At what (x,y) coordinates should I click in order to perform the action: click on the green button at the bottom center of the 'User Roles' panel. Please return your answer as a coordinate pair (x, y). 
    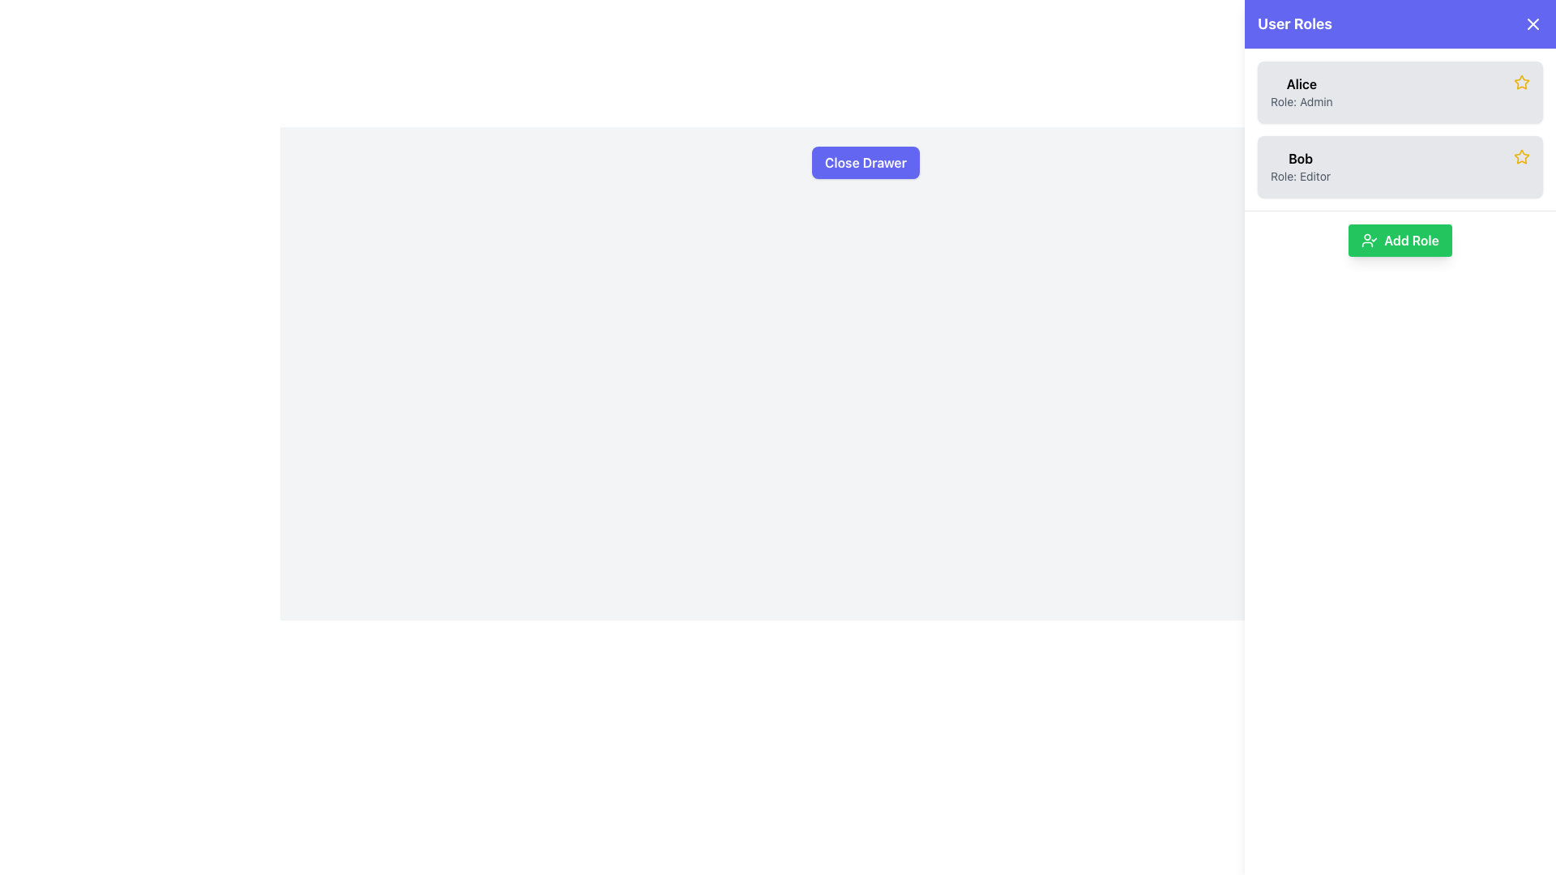
    Looking at the image, I should click on (1400, 241).